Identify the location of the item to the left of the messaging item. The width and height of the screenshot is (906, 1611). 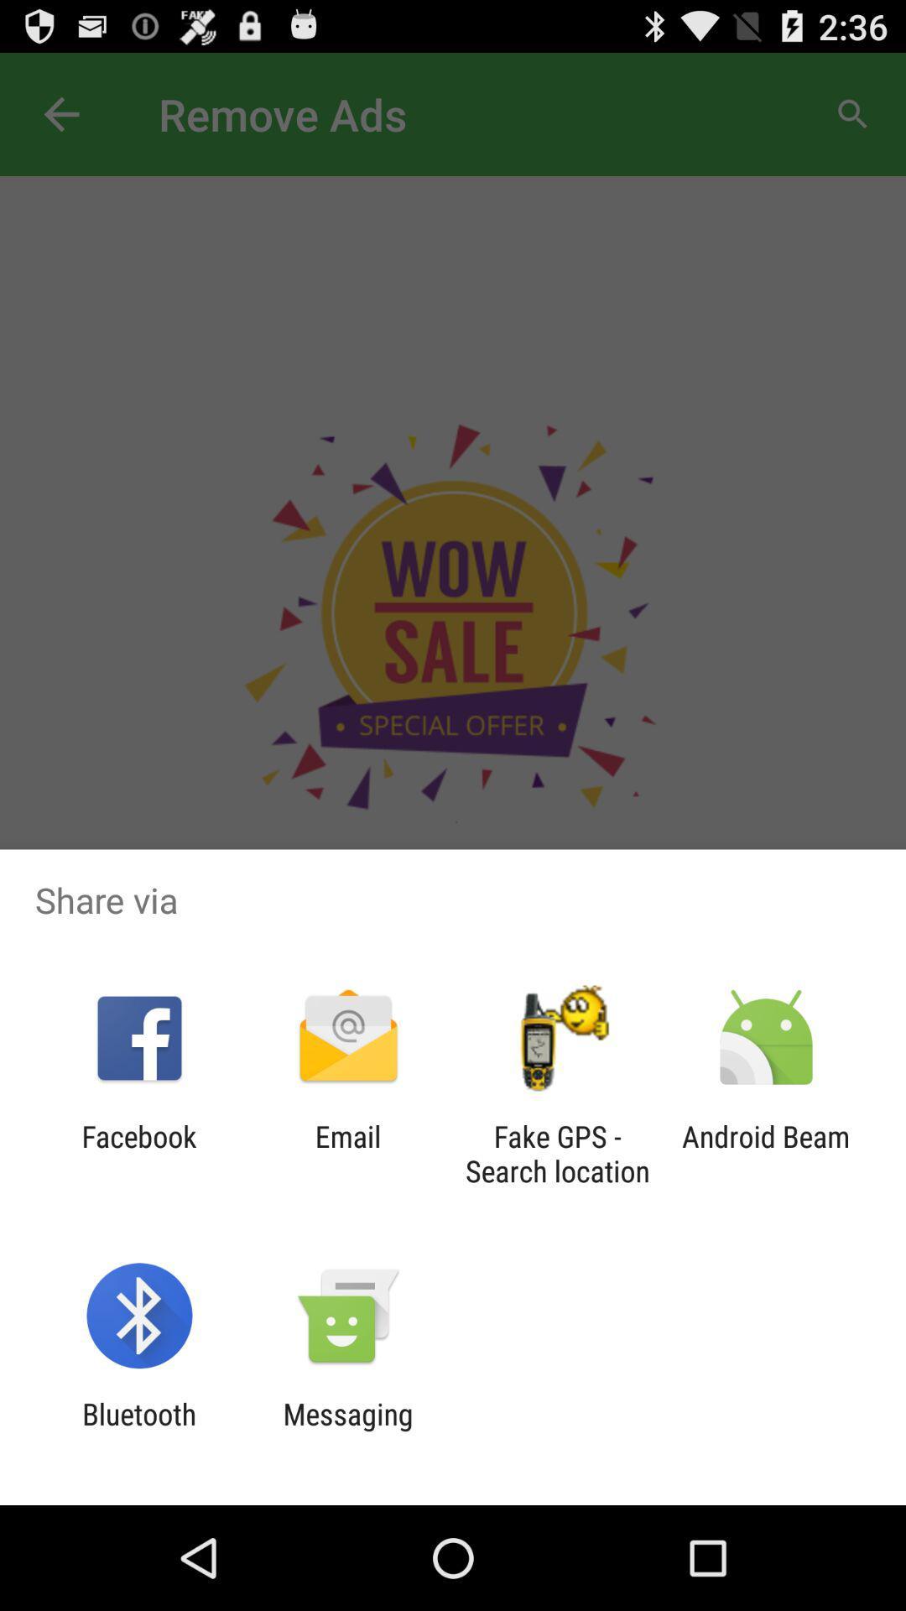
(138, 1431).